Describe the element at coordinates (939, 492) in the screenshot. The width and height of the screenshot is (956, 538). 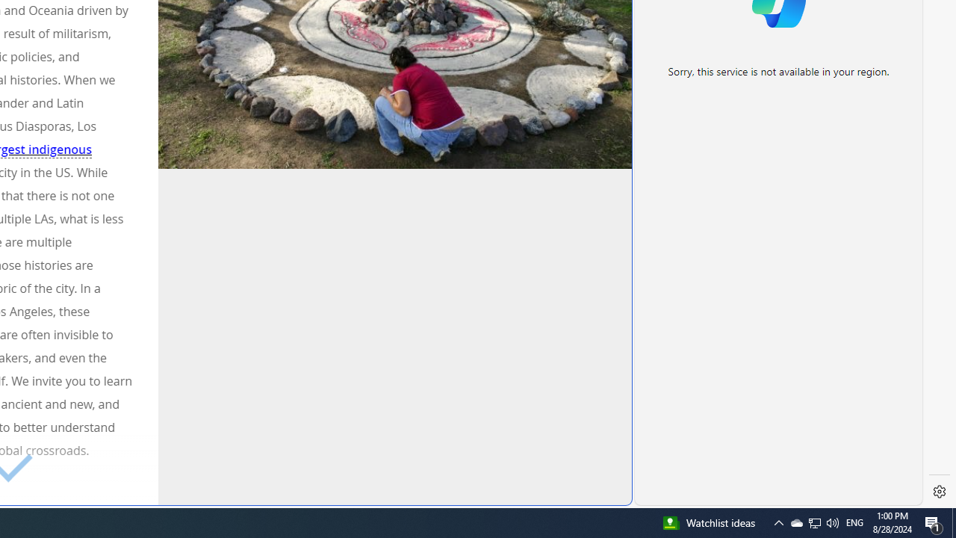
I see `'Settings'` at that location.